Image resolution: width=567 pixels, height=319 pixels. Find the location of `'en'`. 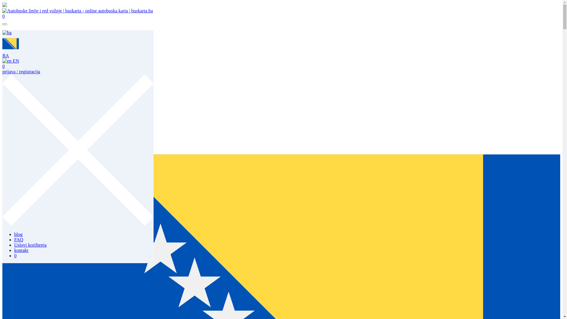

'en' is located at coordinates (7, 61).